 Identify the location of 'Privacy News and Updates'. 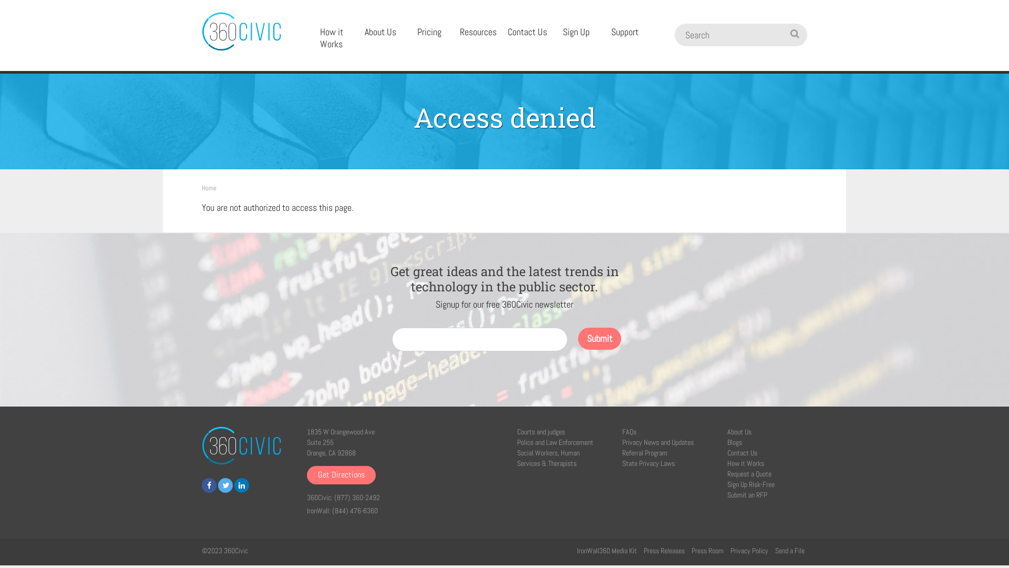
(657, 442).